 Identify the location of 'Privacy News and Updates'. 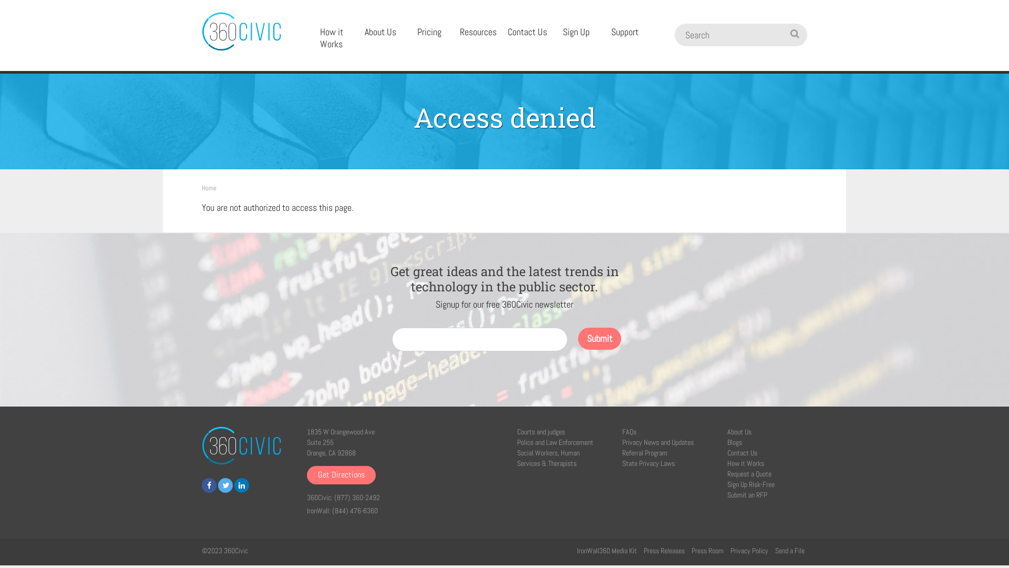
(657, 442).